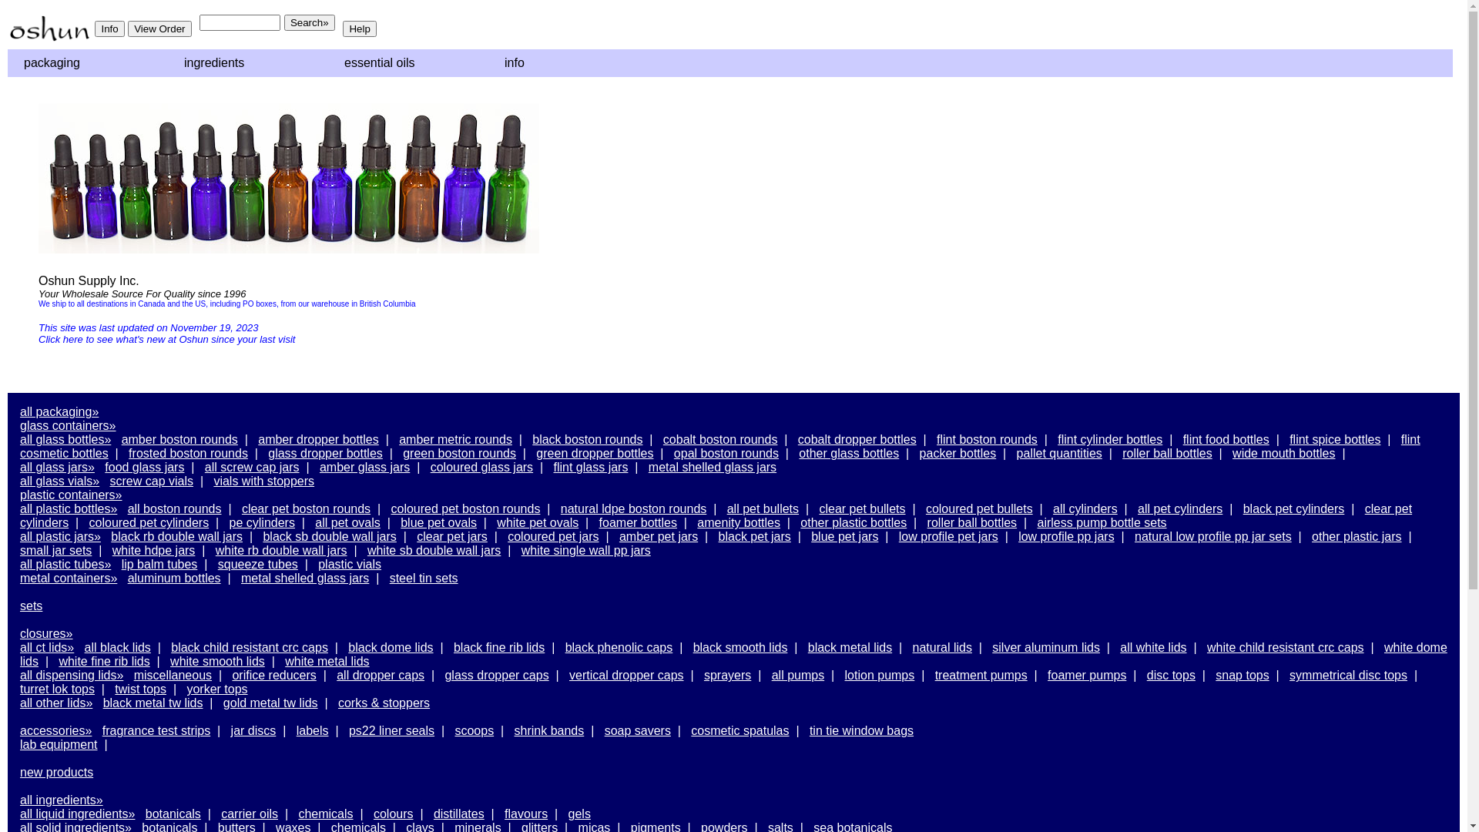 The image size is (1479, 832). I want to click on 'tin tie window bags', so click(860, 730).